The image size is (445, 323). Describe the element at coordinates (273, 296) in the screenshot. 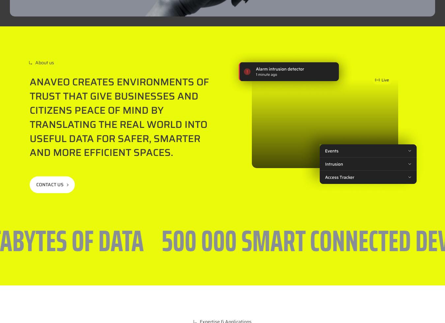

I see `'© Copyright Anaveo, 2023'` at that location.